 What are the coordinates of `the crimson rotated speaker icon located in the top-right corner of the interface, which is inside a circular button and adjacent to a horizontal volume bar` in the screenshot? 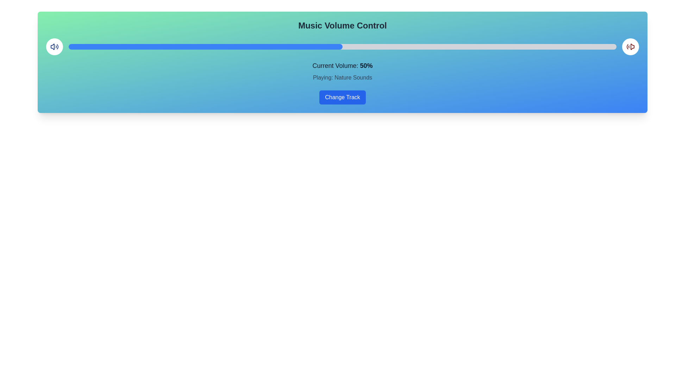 It's located at (630, 46).